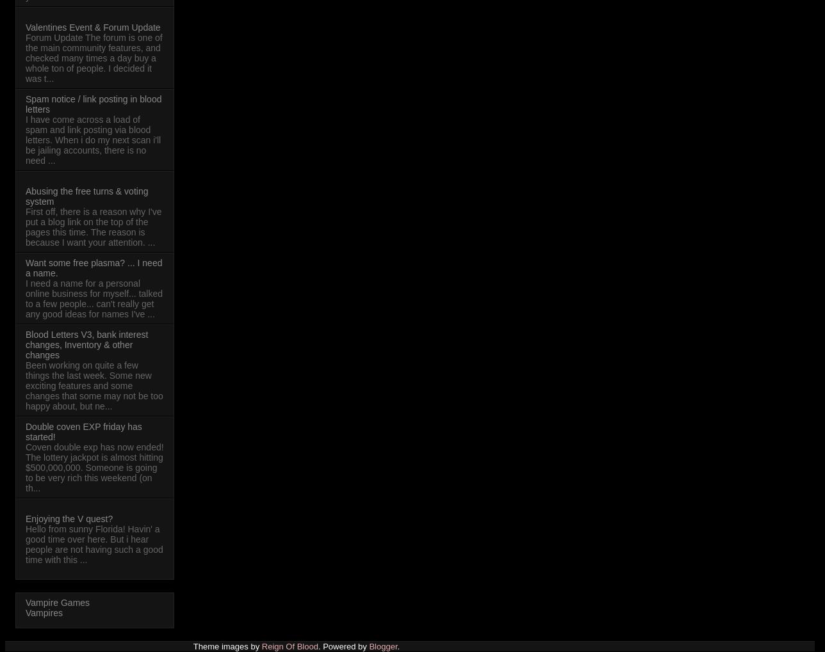 This screenshot has width=825, height=652. Describe the element at coordinates (94, 227) in the screenshot. I see `'First off, there is a reason why I've put a blog link on the top of the pages this time. The reason is because I want your attention. ...'` at that location.